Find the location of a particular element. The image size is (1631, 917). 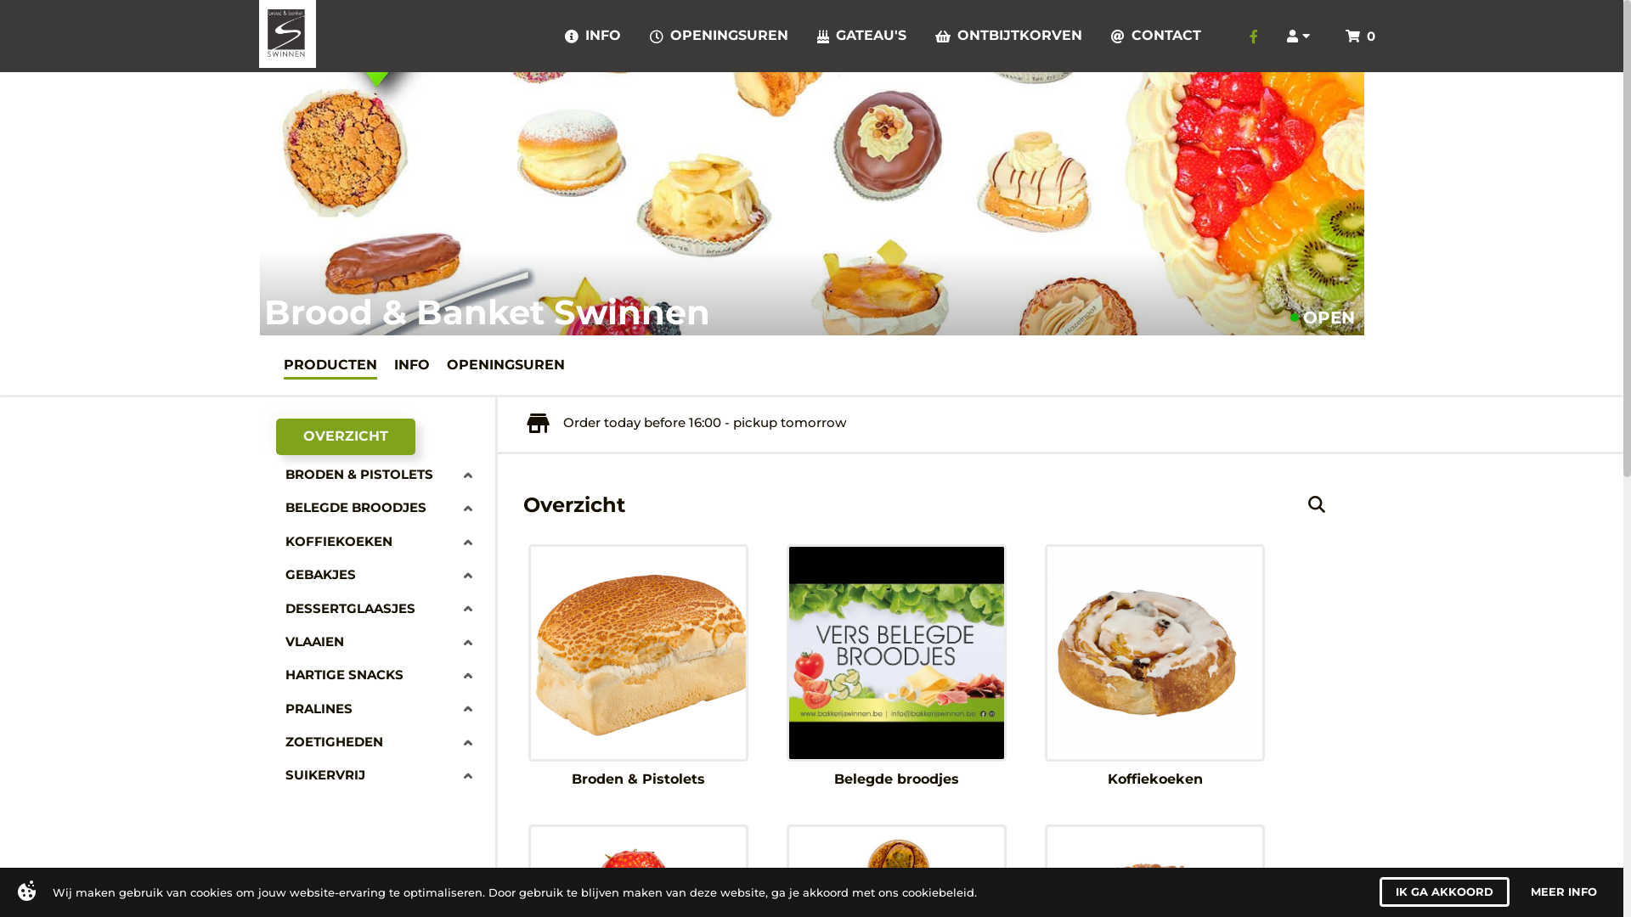

'MORE INFO' is located at coordinates (1569, 891).